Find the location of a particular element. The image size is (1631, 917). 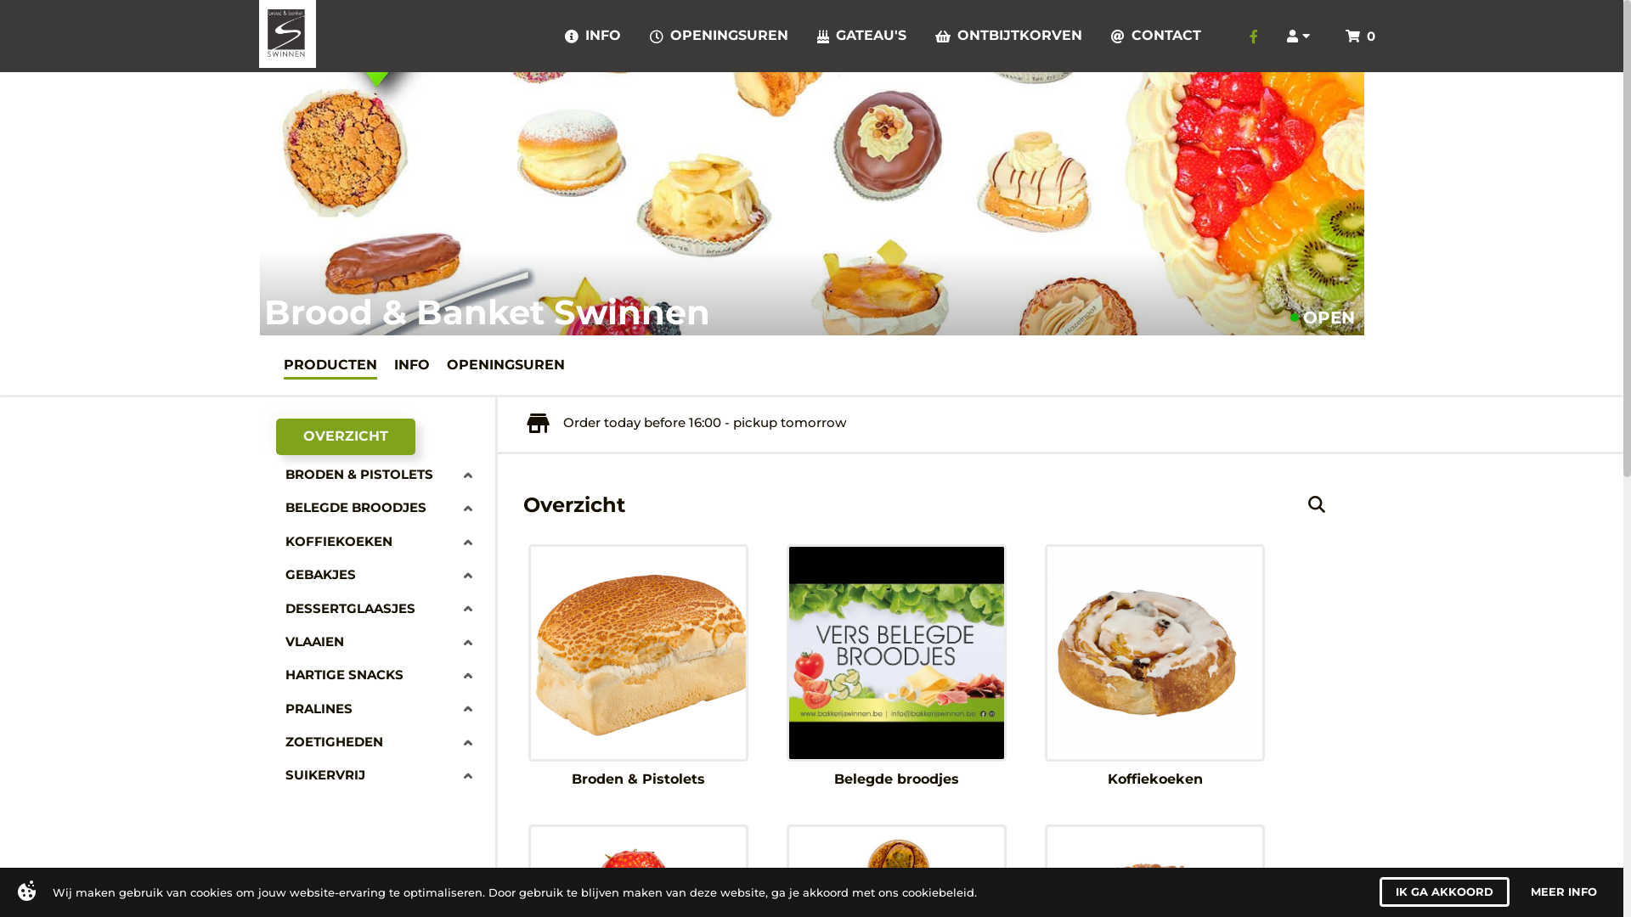

'MORE INFO' is located at coordinates (1569, 891).